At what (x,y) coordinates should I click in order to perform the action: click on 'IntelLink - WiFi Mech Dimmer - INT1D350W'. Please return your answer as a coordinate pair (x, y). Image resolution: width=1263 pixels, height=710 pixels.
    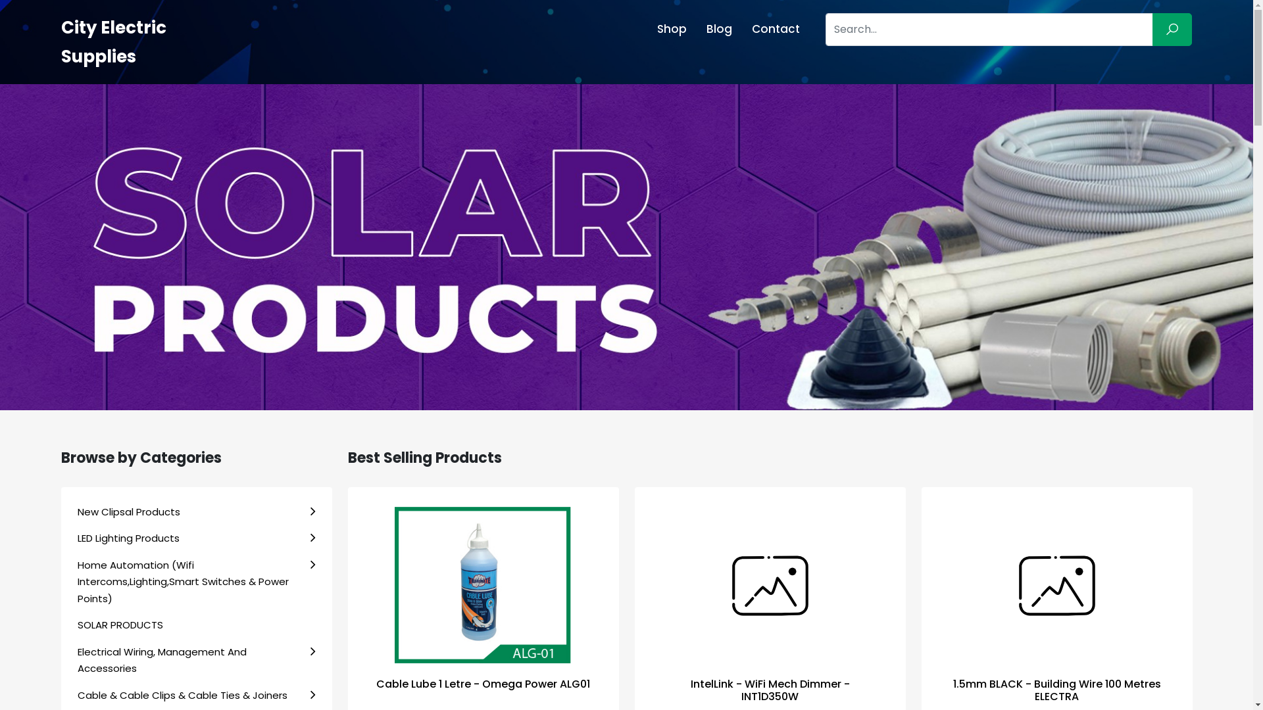
    Looking at the image, I should click on (770, 689).